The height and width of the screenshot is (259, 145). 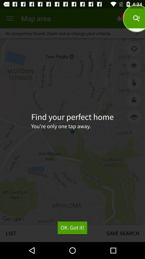 What do you see at coordinates (72, 227) in the screenshot?
I see `icon next to the save search icon` at bounding box center [72, 227].